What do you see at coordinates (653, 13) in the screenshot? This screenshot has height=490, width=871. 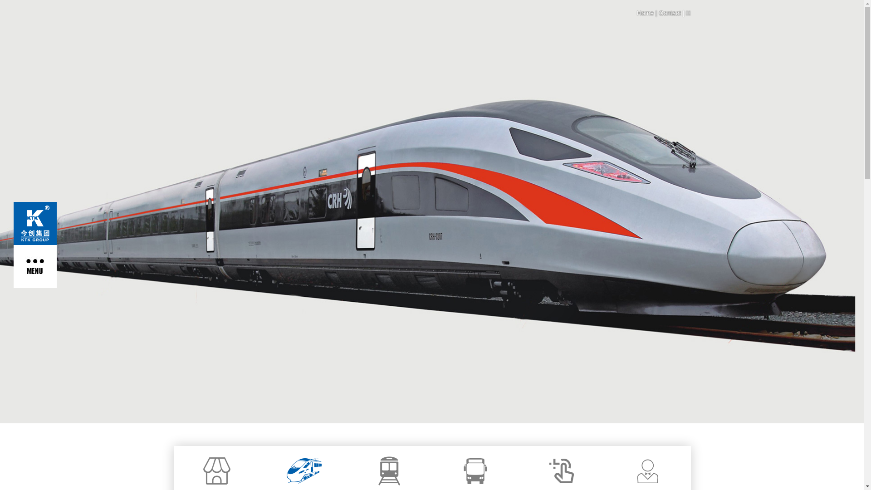 I see `'|'` at bounding box center [653, 13].